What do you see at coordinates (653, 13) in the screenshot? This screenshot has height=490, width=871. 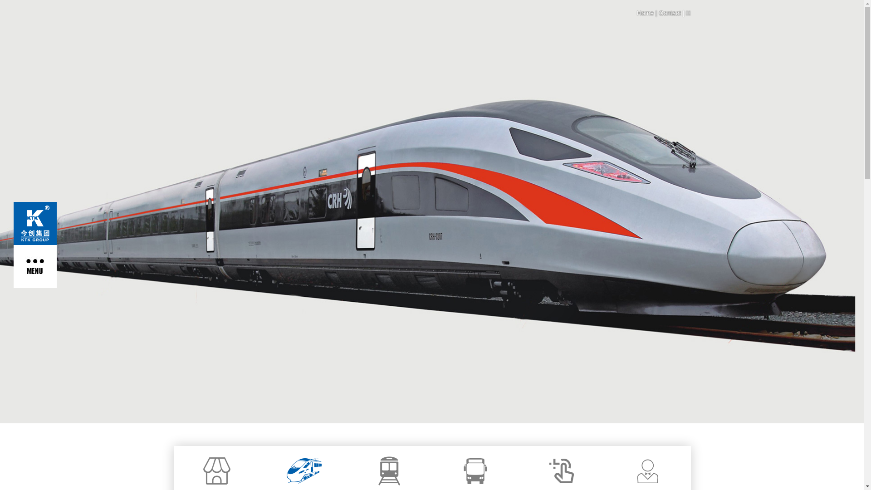 I see `'|'` at bounding box center [653, 13].